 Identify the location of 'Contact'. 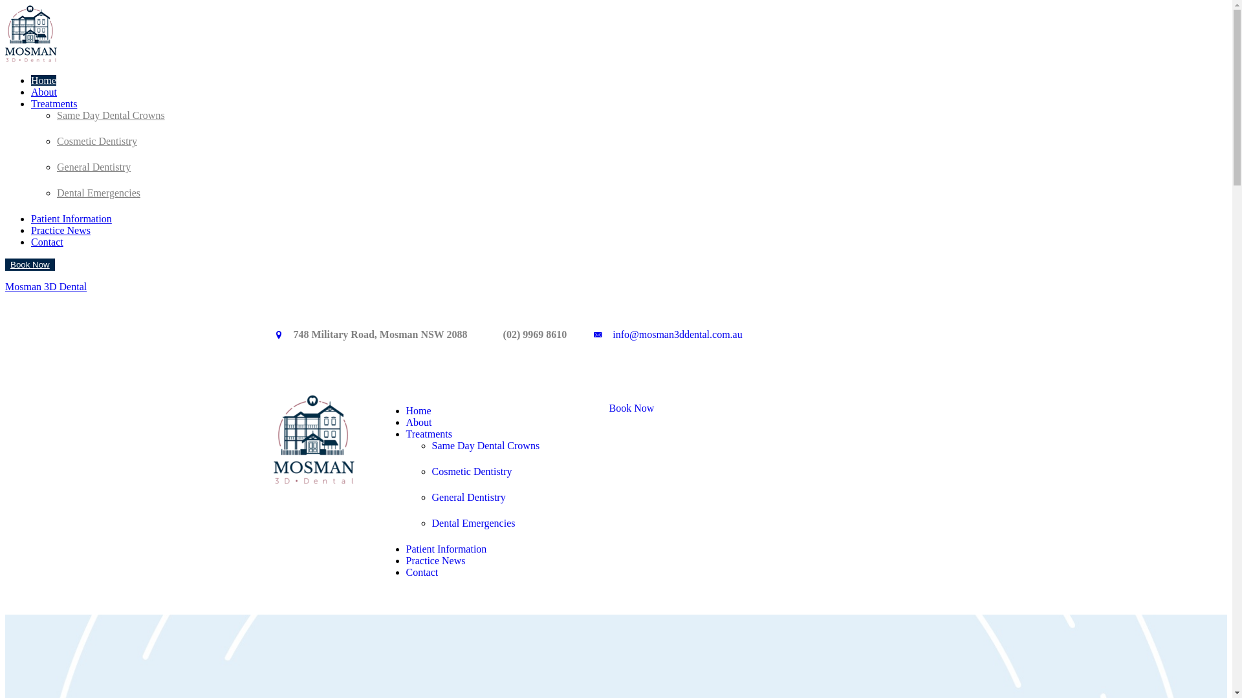
(422, 571).